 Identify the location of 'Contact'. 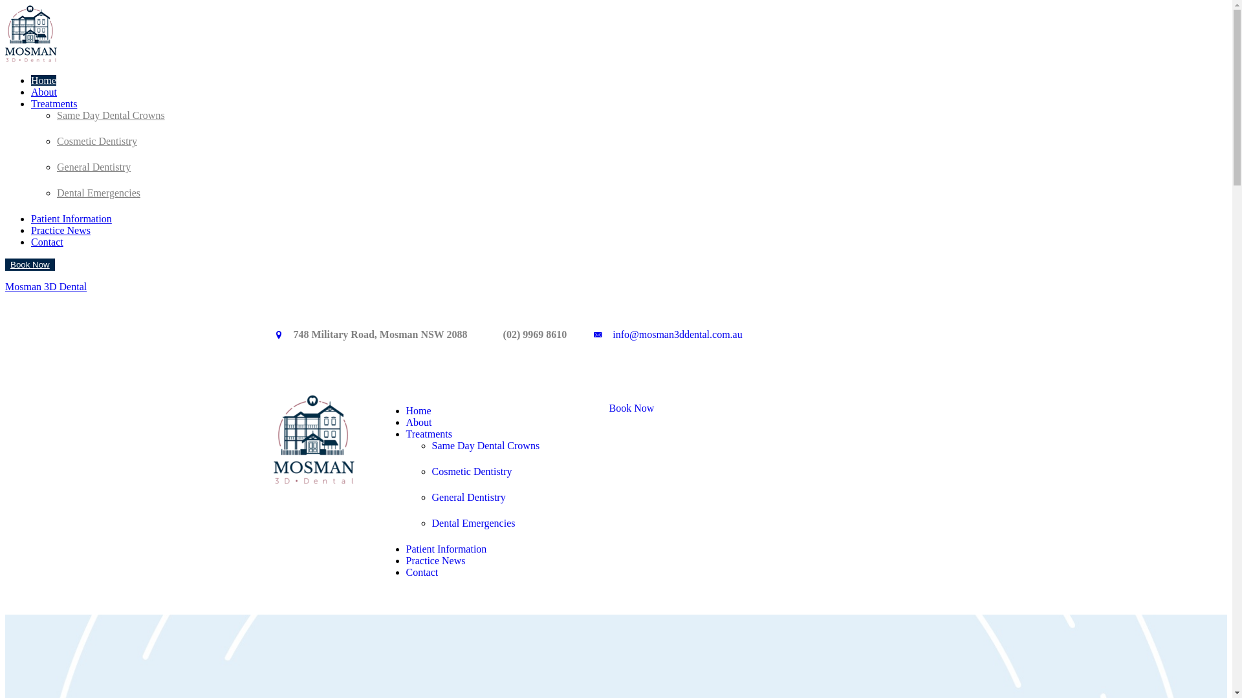
(422, 571).